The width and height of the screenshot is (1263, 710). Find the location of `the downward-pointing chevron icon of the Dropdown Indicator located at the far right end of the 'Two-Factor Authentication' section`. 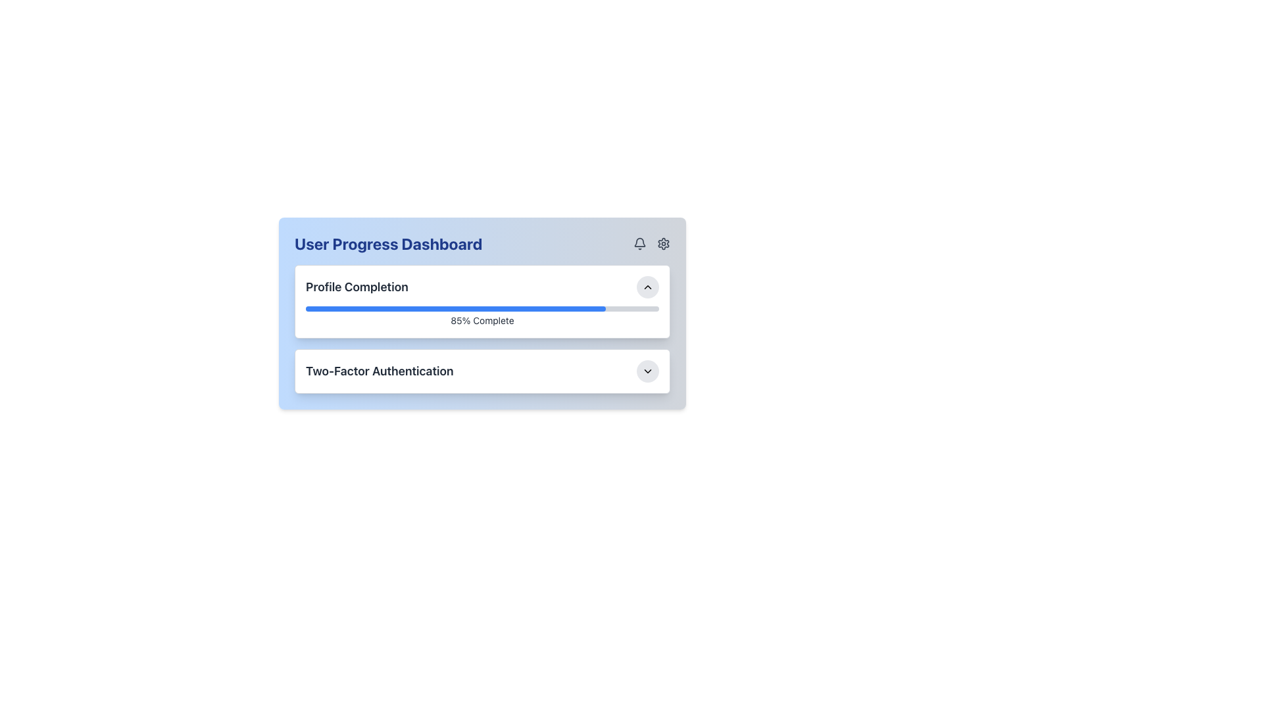

the downward-pointing chevron icon of the Dropdown Indicator located at the far right end of the 'Two-Factor Authentication' section is located at coordinates (647, 371).